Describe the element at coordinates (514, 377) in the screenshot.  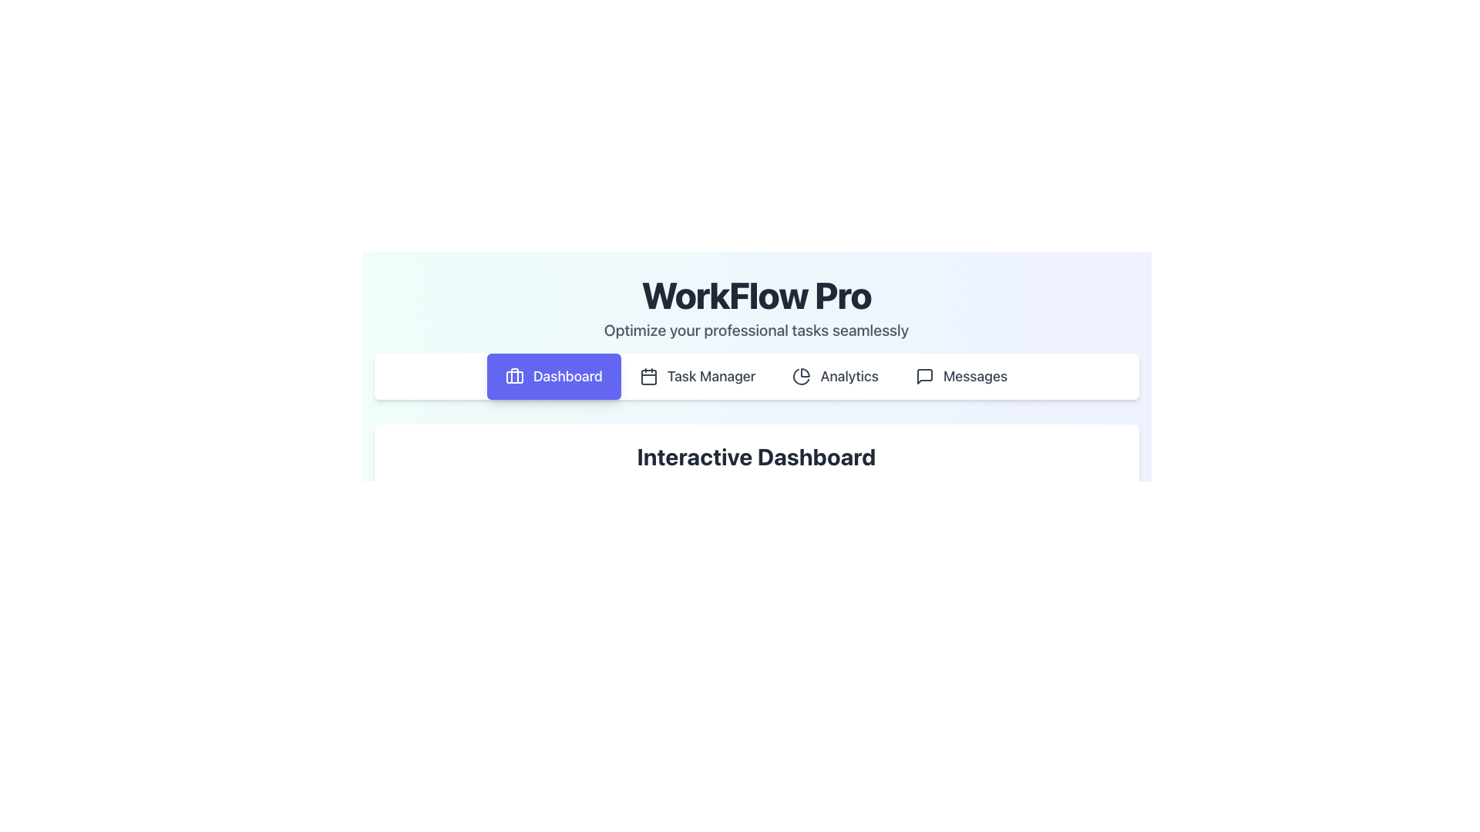
I see `the 'Dashboard' icon located in the horizontal menu at the top of the page, which serves as the main area overview button` at that location.